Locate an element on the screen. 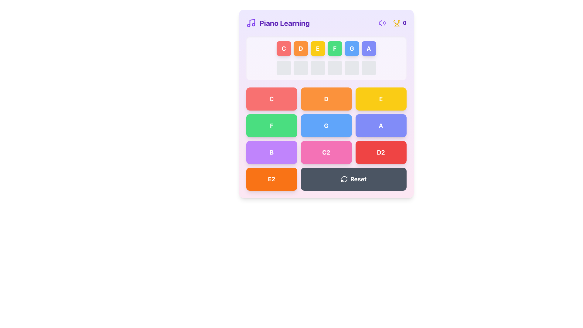 This screenshot has width=583, height=328. the circular arrow icon associated with the action of refreshing or resetting, located to the left of the 'Reset' text in the bottom row of the interface is located at coordinates (344, 179).